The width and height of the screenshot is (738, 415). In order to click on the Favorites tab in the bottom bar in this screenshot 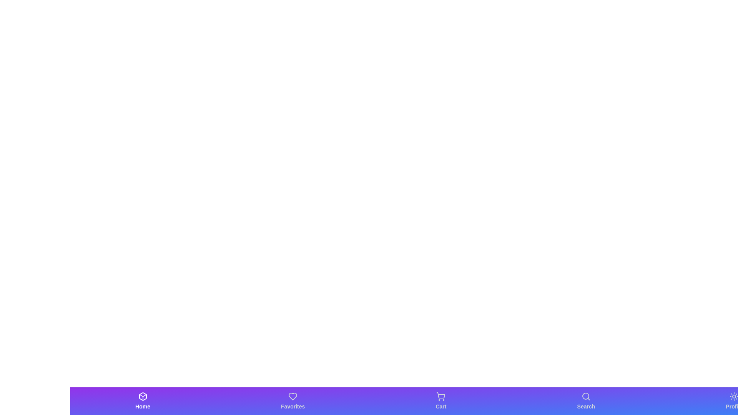, I will do `click(293, 401)`.